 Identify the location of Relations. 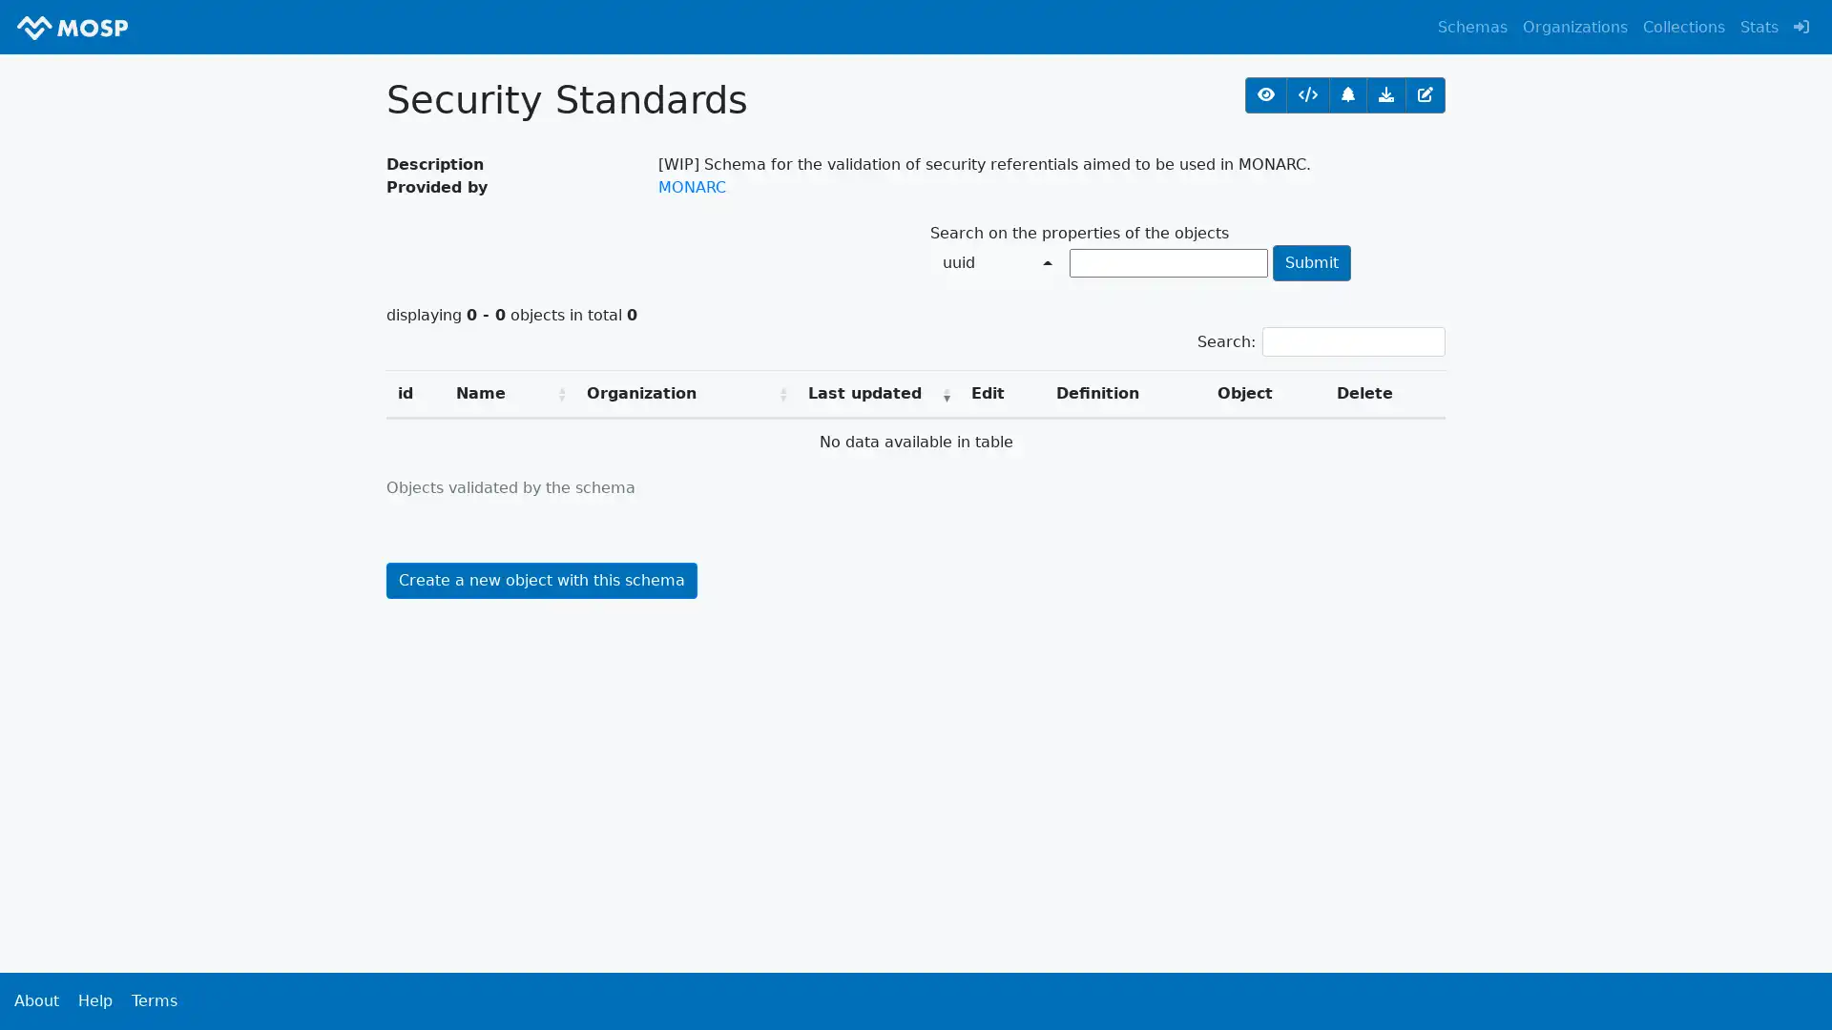
(1346, 95).